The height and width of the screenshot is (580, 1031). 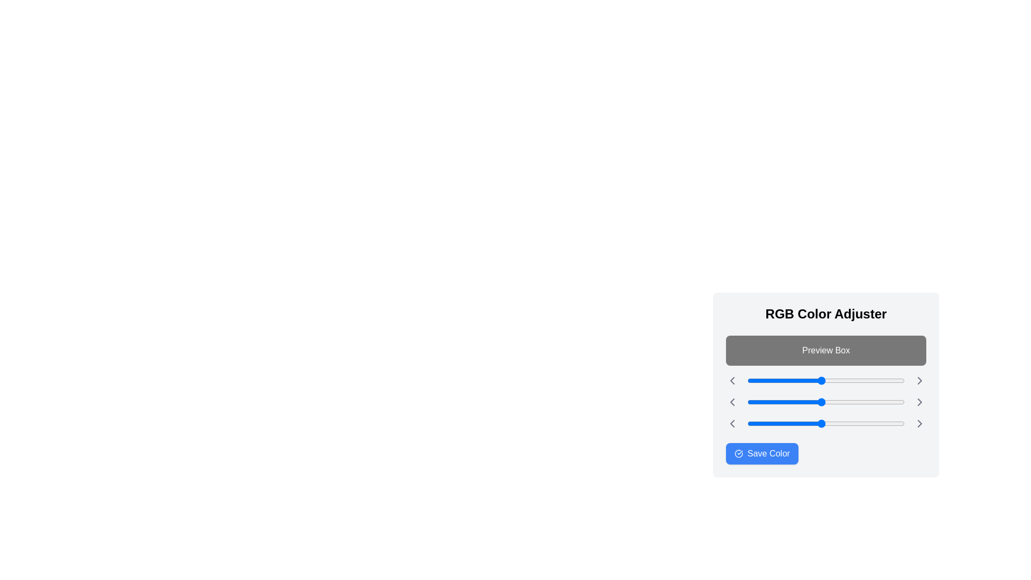 What do you see at coordinates (783, 423) in the screenshot?
I see `the blue slider to 58` at bounding box center [783, 423].